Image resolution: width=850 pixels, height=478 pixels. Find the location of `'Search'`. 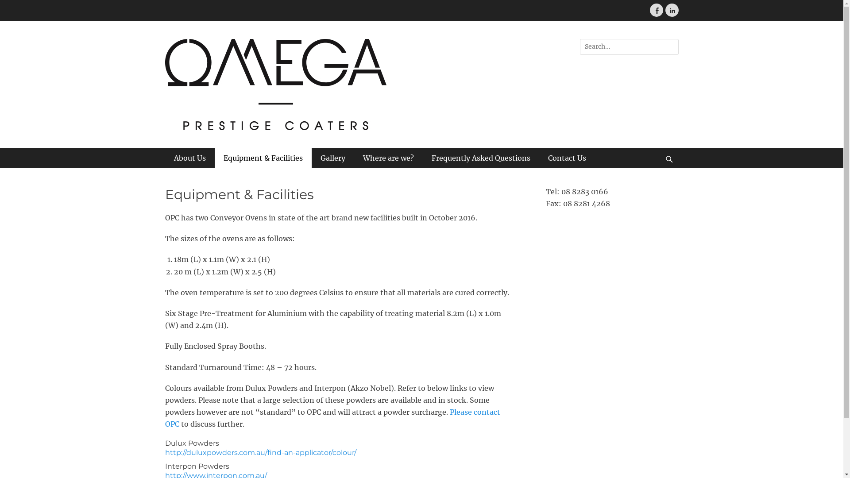

'Search' is located at coordinates (673, 147).